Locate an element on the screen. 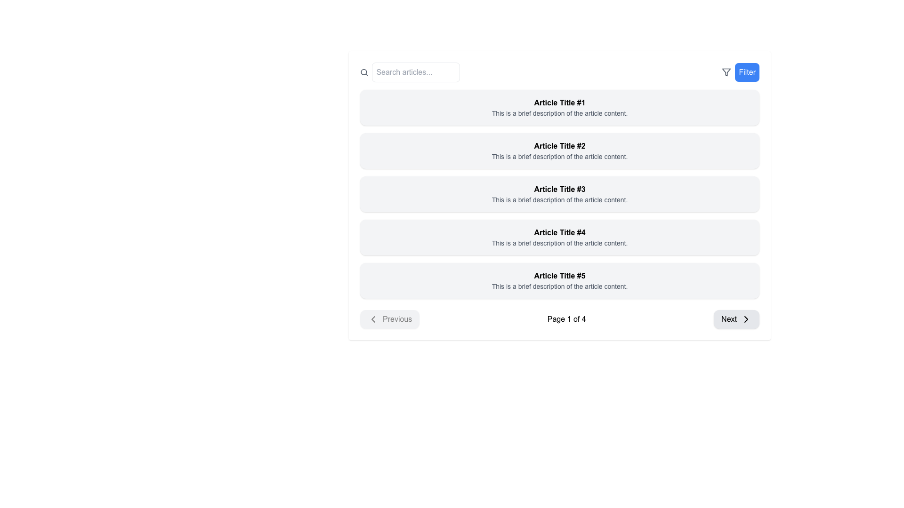 The image size is (904, 508). textual description located immediately below the title text 'Article Title #3' in the third list item of the articles collection is located at coordinates (560, 199).